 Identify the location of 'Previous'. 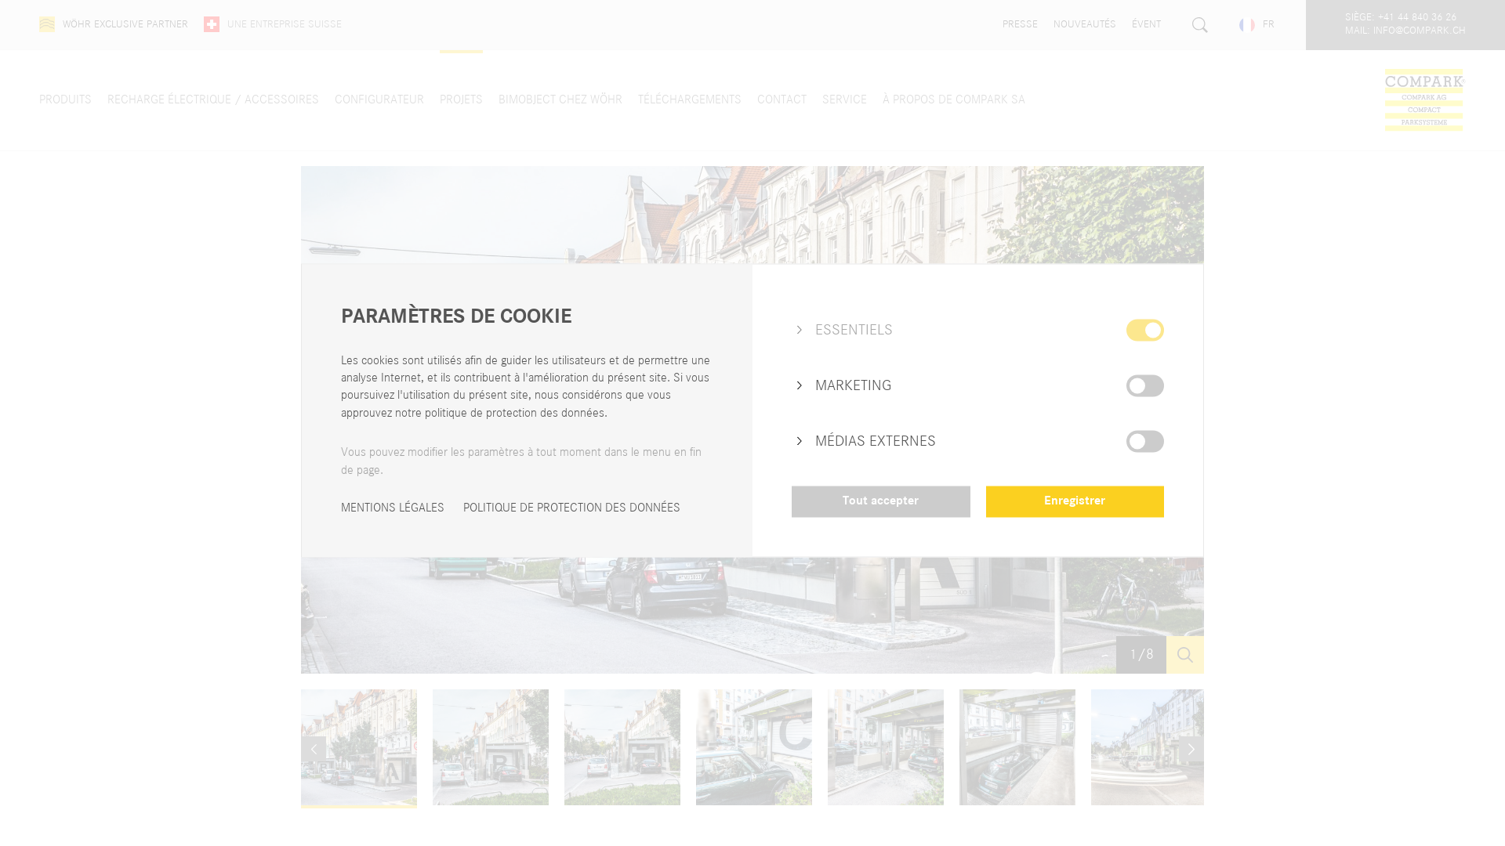
(301, 748).